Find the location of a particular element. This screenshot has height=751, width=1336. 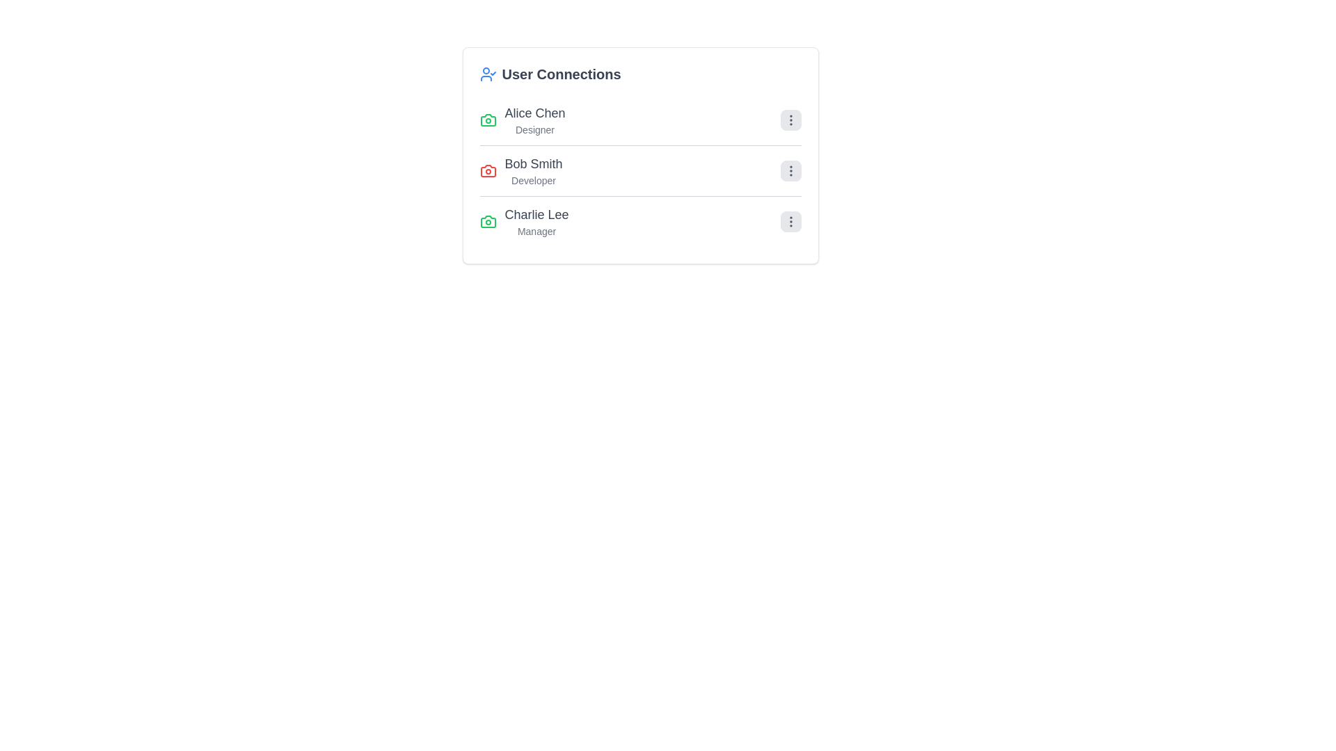

the button next to 'Alice Chen Designer' using keyboard navigation and activate it with the Enter key is located at coordinates (790, 120).